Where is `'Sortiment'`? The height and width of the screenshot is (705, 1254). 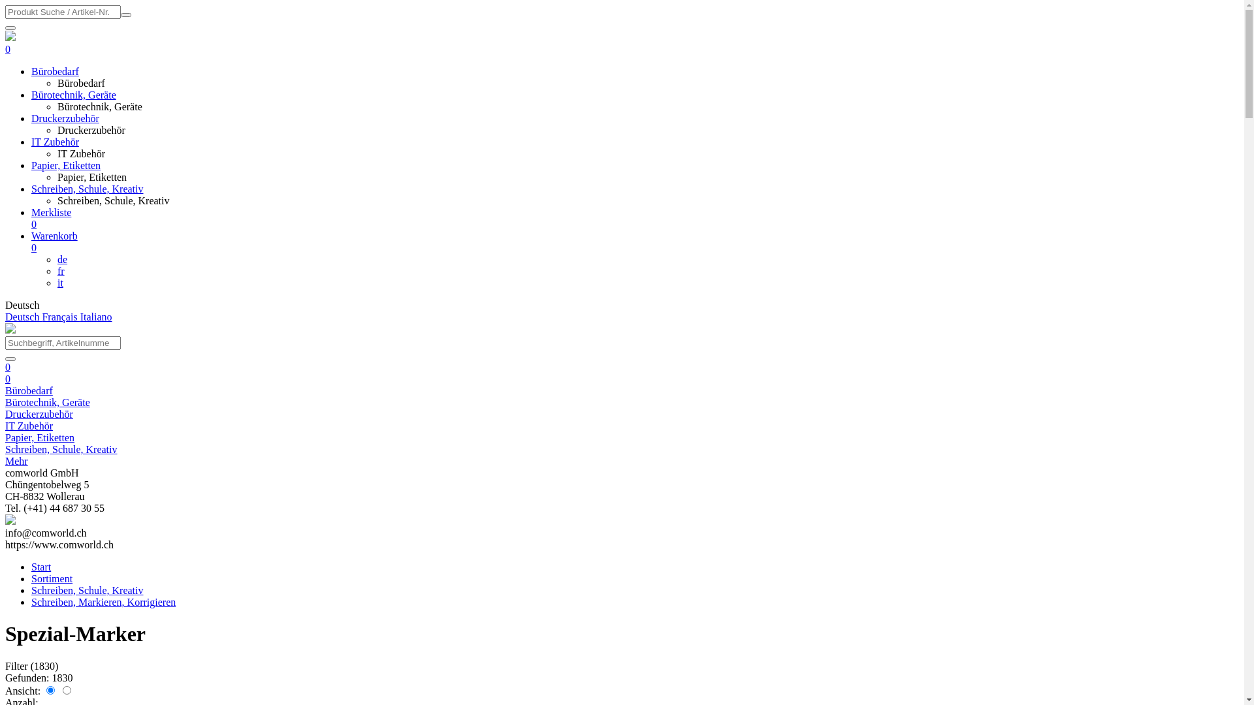 'Sortiment' is located at coordinates (52, 578).